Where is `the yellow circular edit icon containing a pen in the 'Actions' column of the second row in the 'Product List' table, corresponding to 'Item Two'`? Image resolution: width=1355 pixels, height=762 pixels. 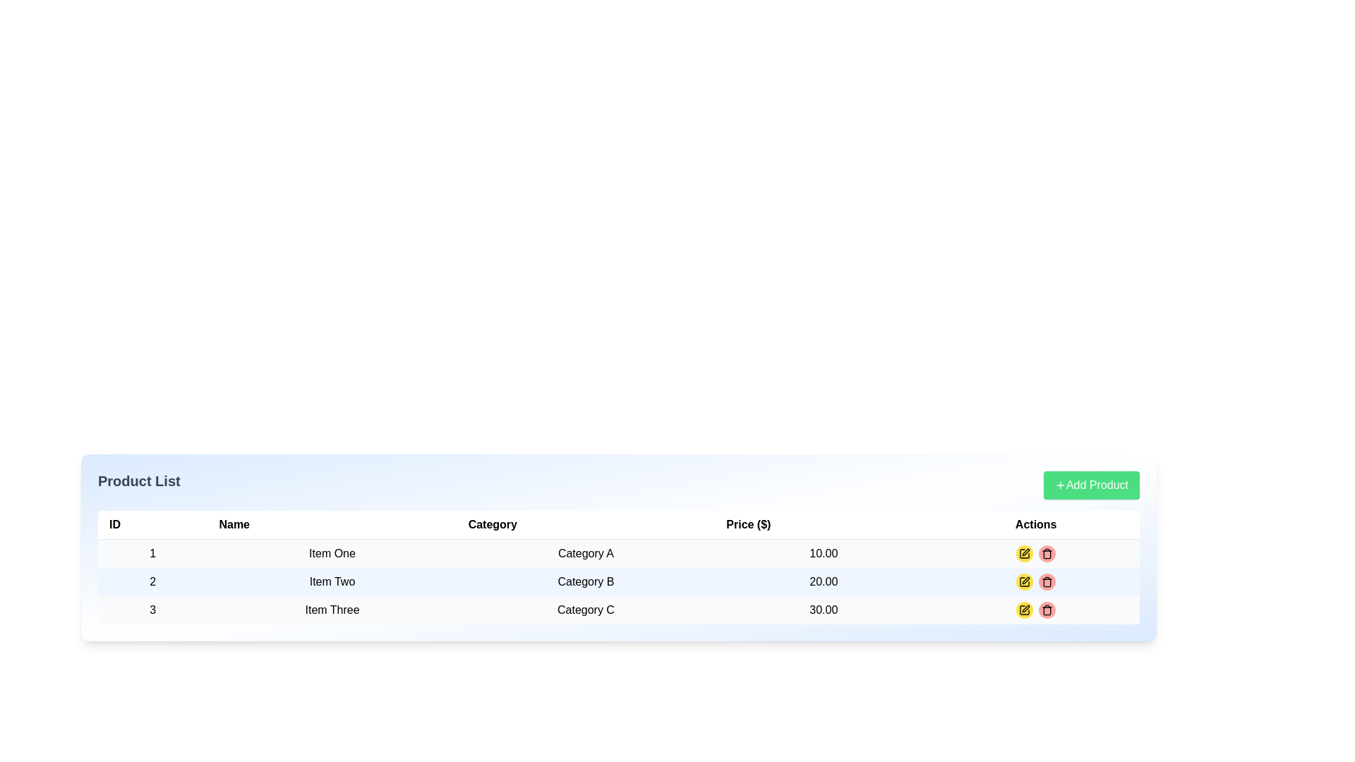 the yellow circular edit icon containing a pen in the 'Actions' column of the second row in the 'Product List' table, corresponding to 'Item Two' is located at coordinates (1025, 582).